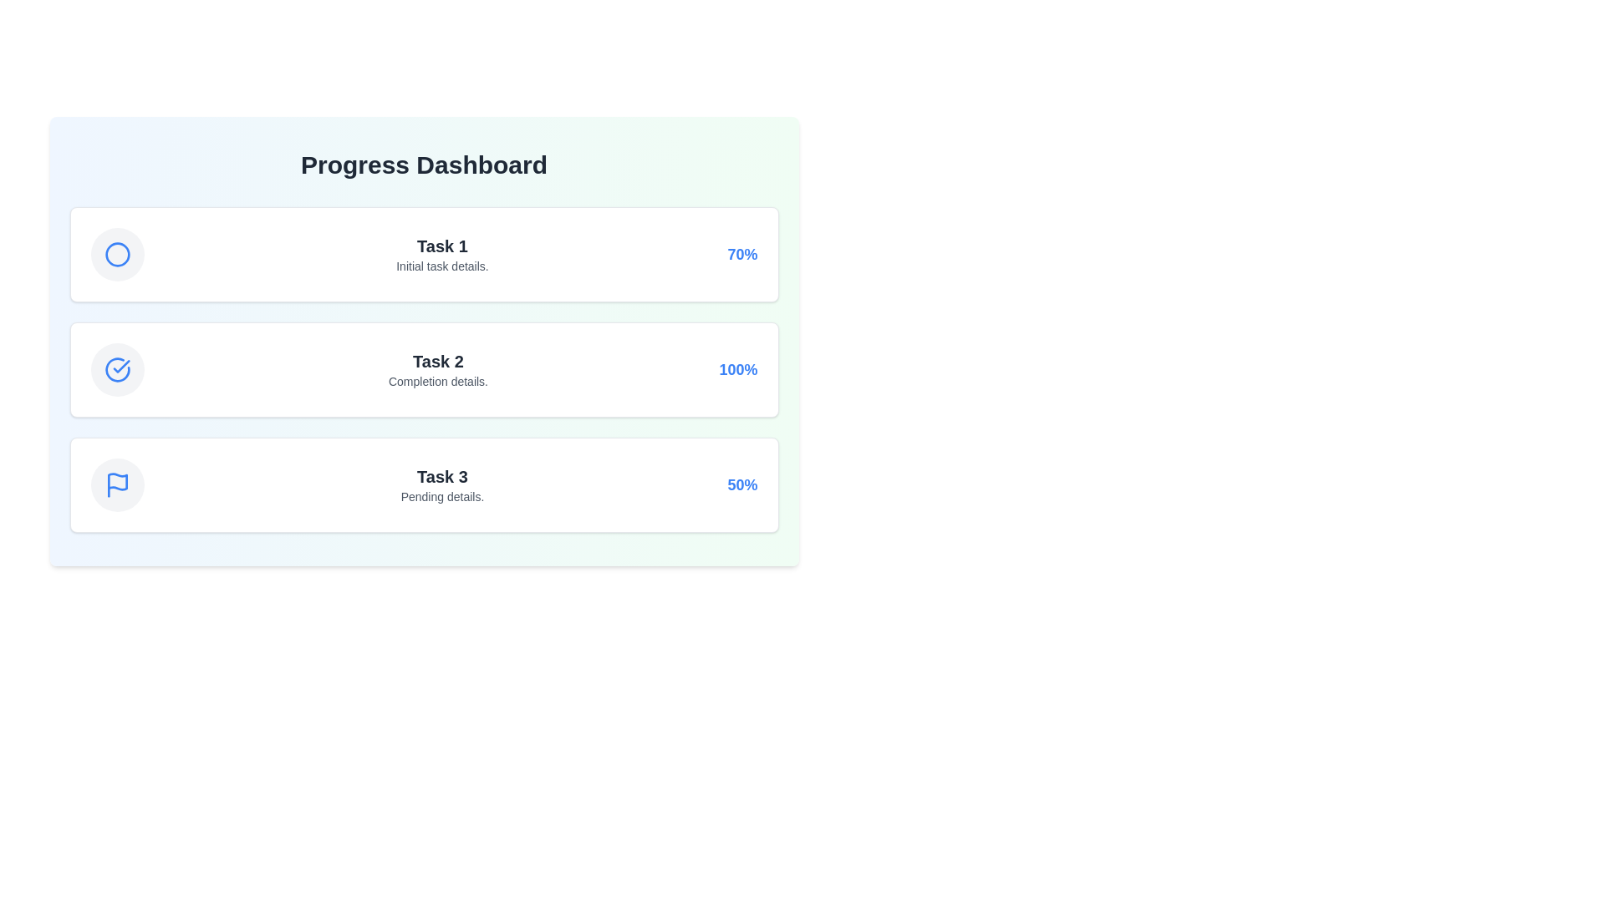 This screenshot has width=1605, height=902. What do you see at coordinates (116, 485) in the screenshot?
I see `the flag icon with a blue stroke inside a circular area on the leftmost side of the row labeled 'Task 3'` at bounding box center [116, 485].